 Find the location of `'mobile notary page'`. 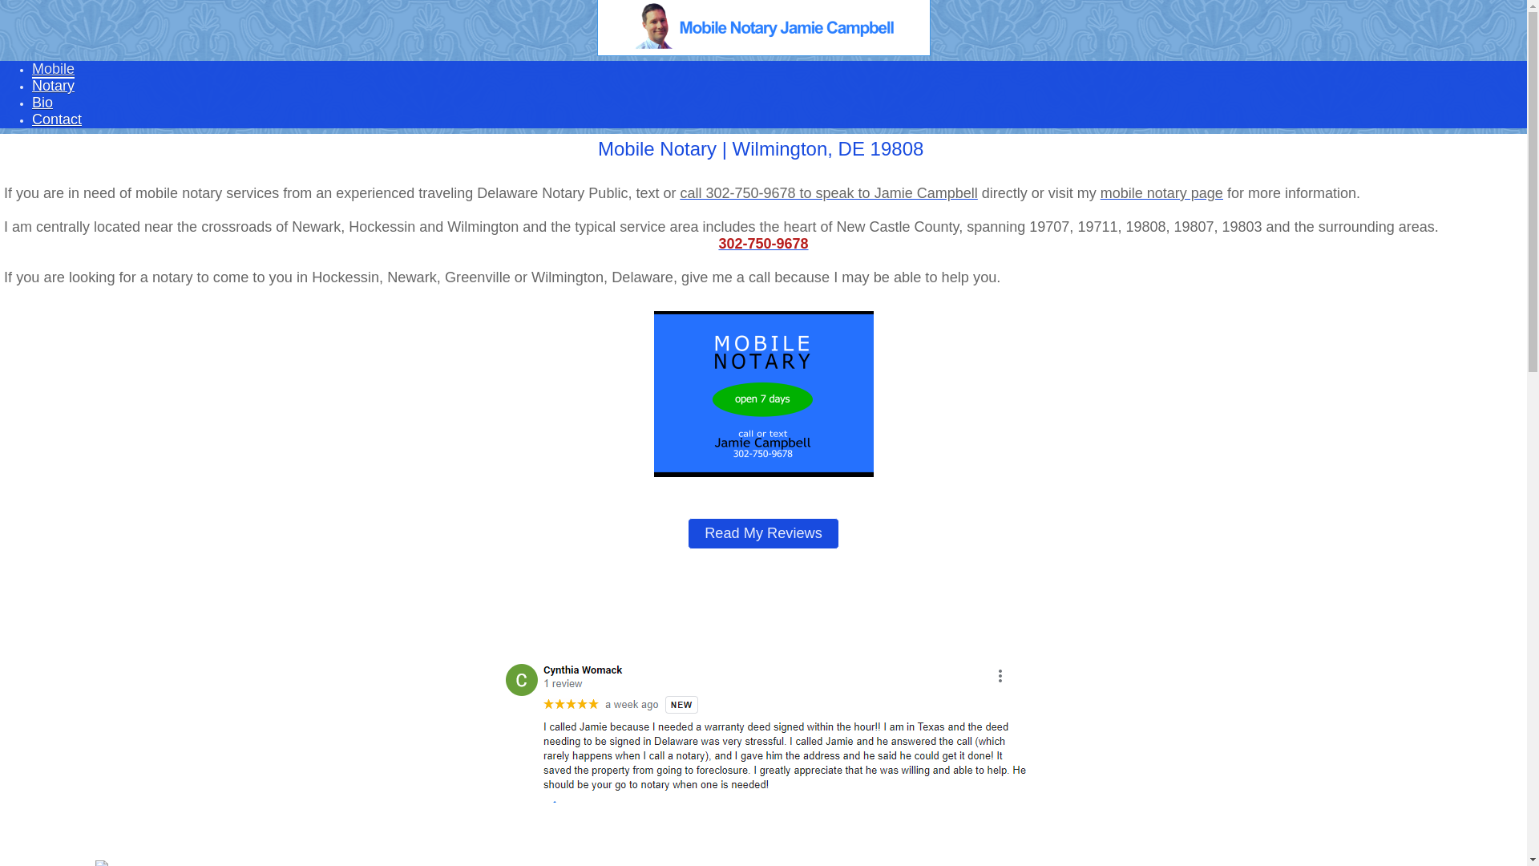

'mobile notary page' is located at coordinates (1161, 192).